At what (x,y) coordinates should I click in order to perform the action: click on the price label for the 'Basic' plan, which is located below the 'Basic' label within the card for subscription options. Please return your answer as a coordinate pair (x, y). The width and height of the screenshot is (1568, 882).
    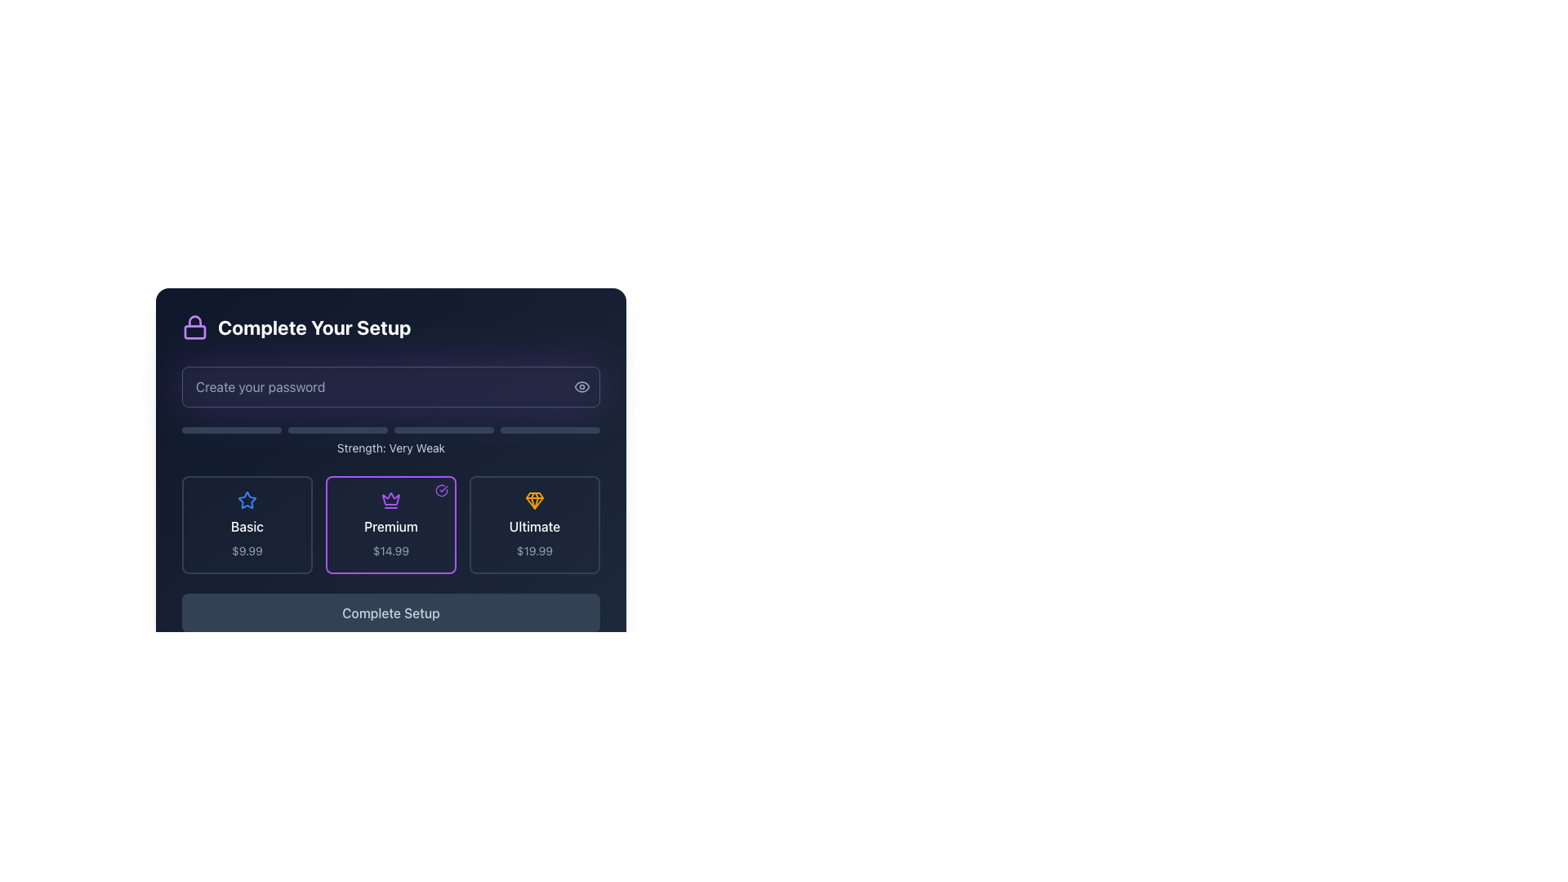
    Looking at the image, I should click on (246, 551).